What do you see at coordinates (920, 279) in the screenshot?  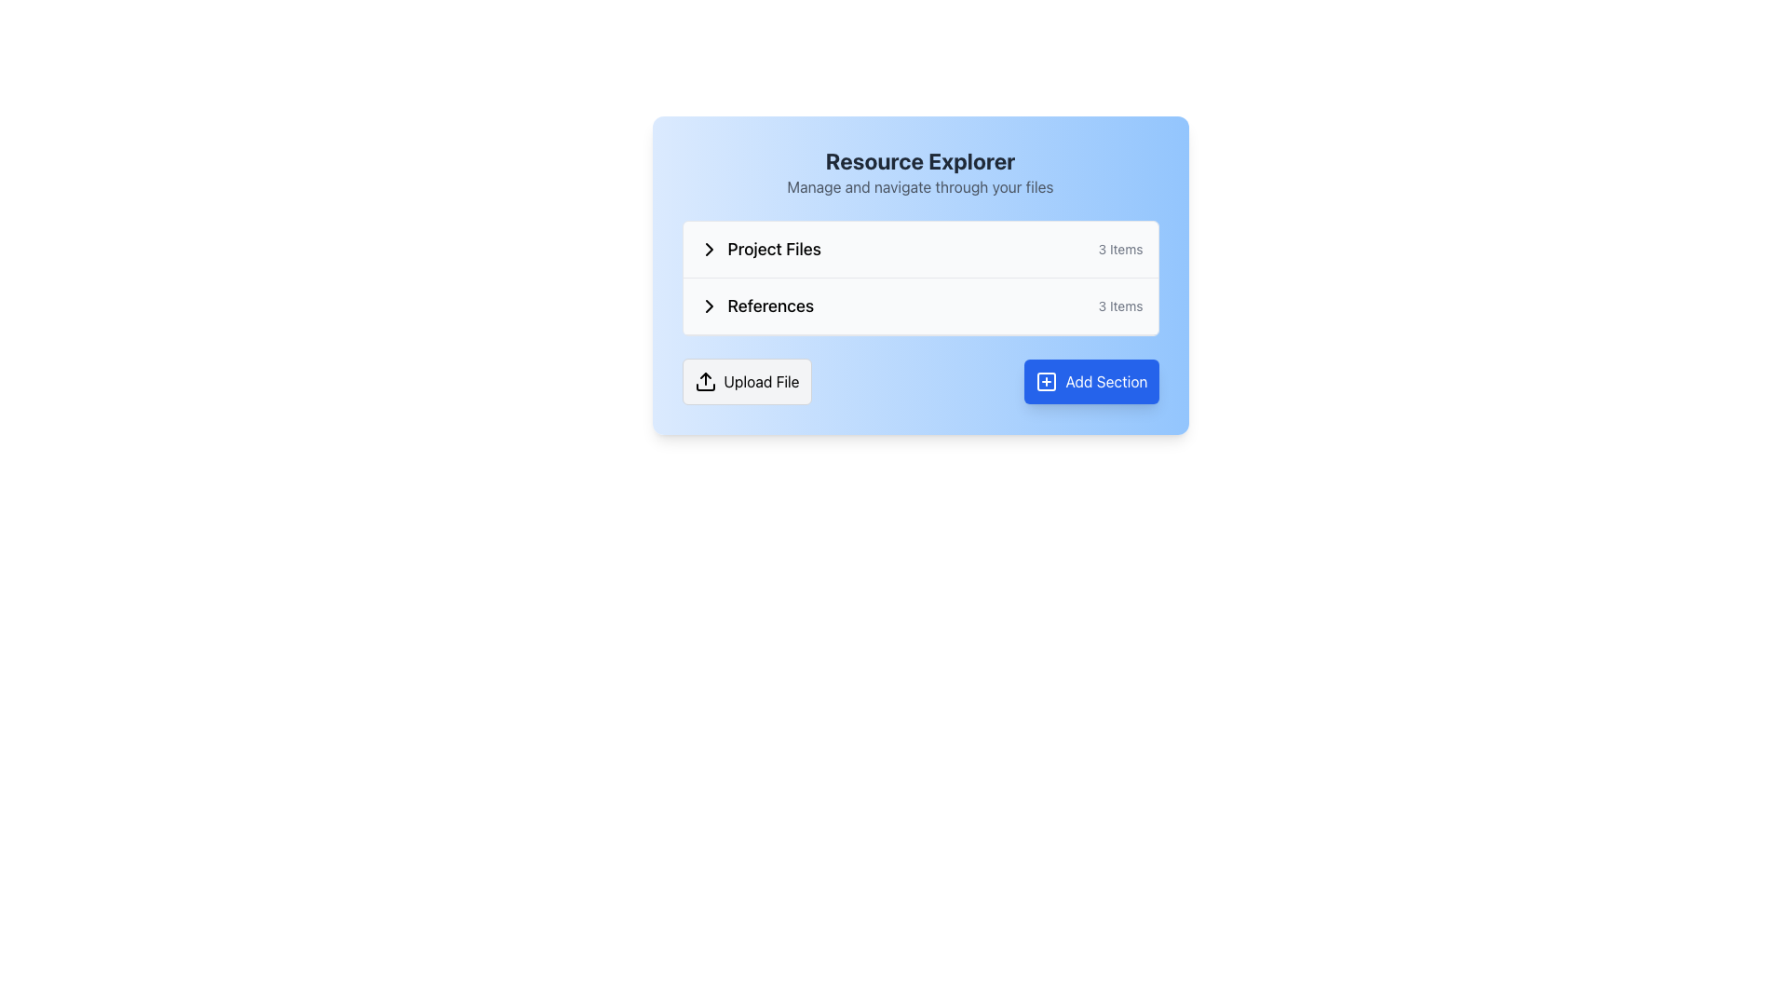 I see `the collapsible menu in the 'Resource Explorer' panel` at bounding box center [920, 279].